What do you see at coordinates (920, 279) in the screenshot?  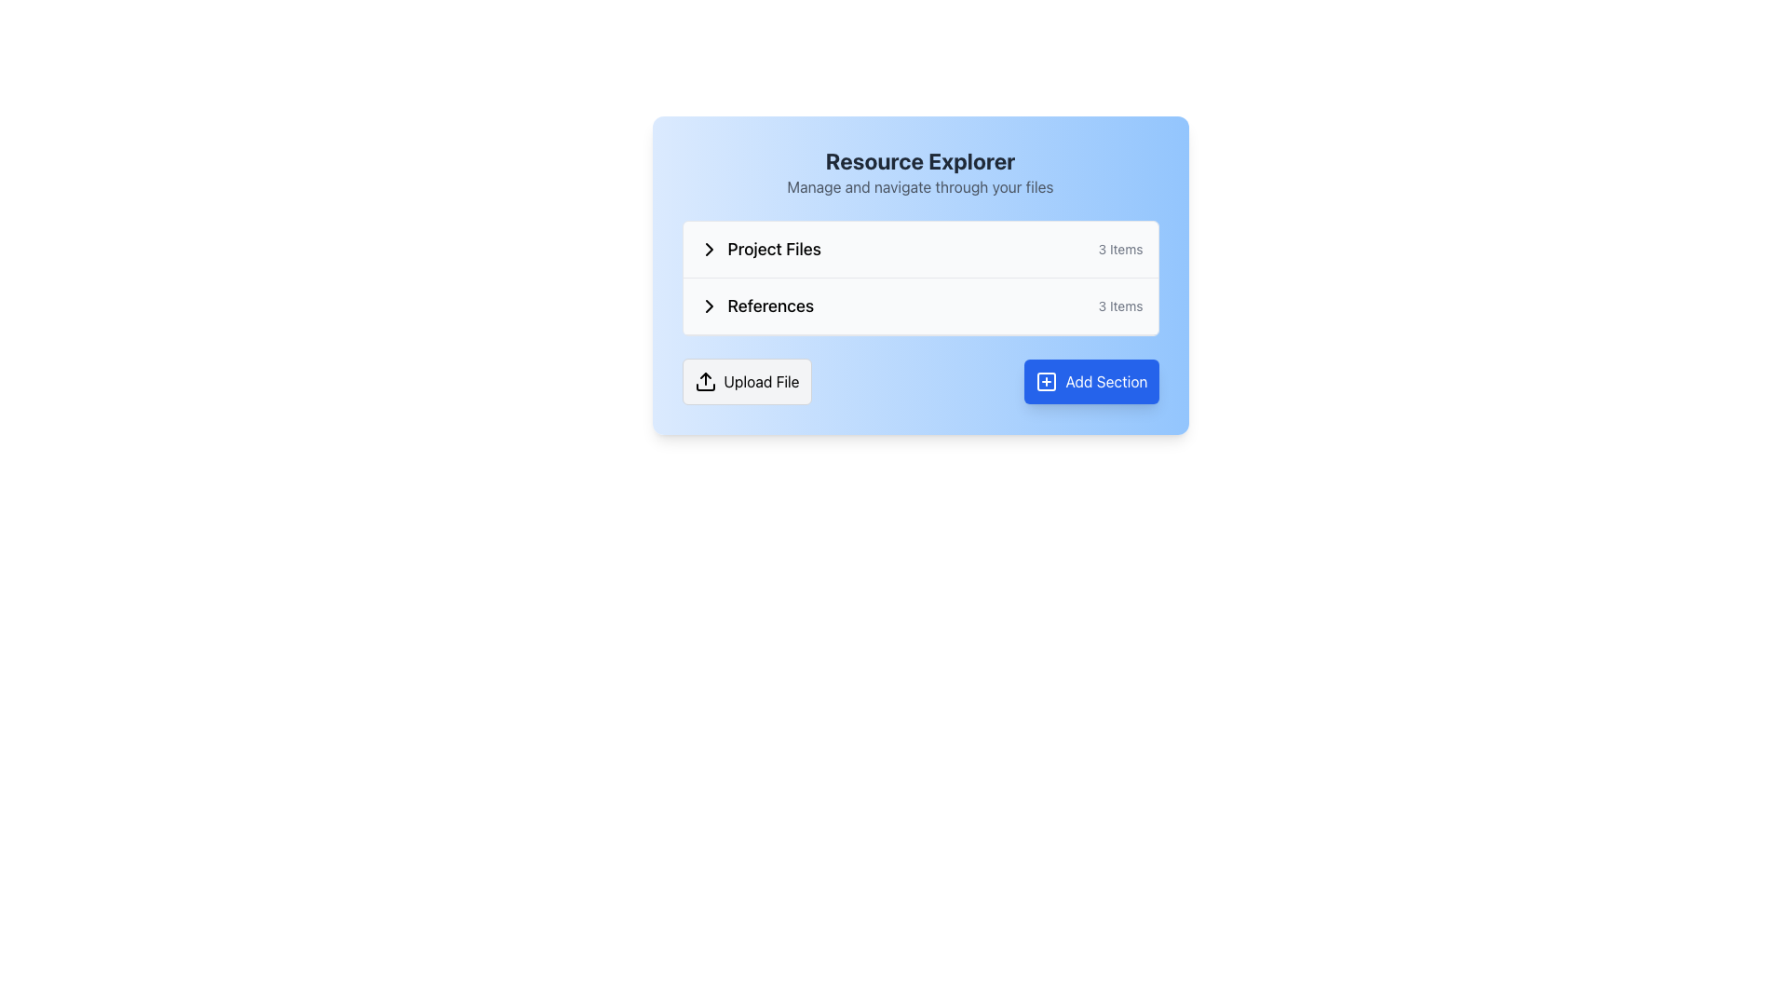 I see `the collapsible menu in the 'Resource Explorer' panel` at bounding box center [920, 279].